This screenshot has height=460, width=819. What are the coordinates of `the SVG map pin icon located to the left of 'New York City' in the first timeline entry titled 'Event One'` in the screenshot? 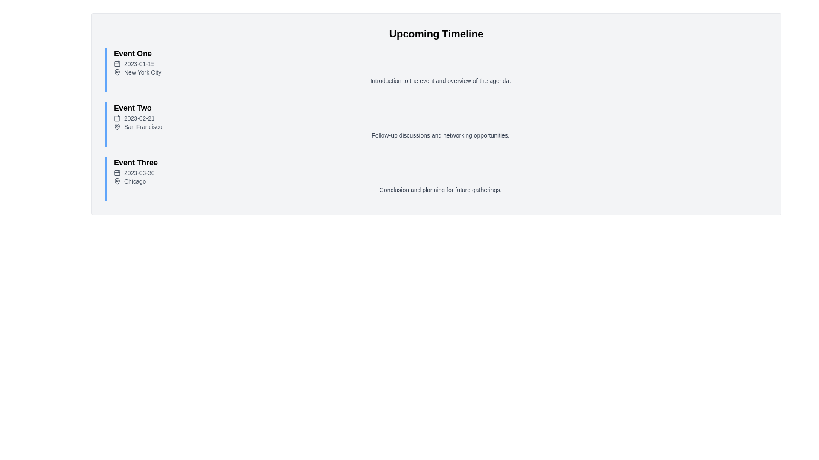 It's located at (116, 72).